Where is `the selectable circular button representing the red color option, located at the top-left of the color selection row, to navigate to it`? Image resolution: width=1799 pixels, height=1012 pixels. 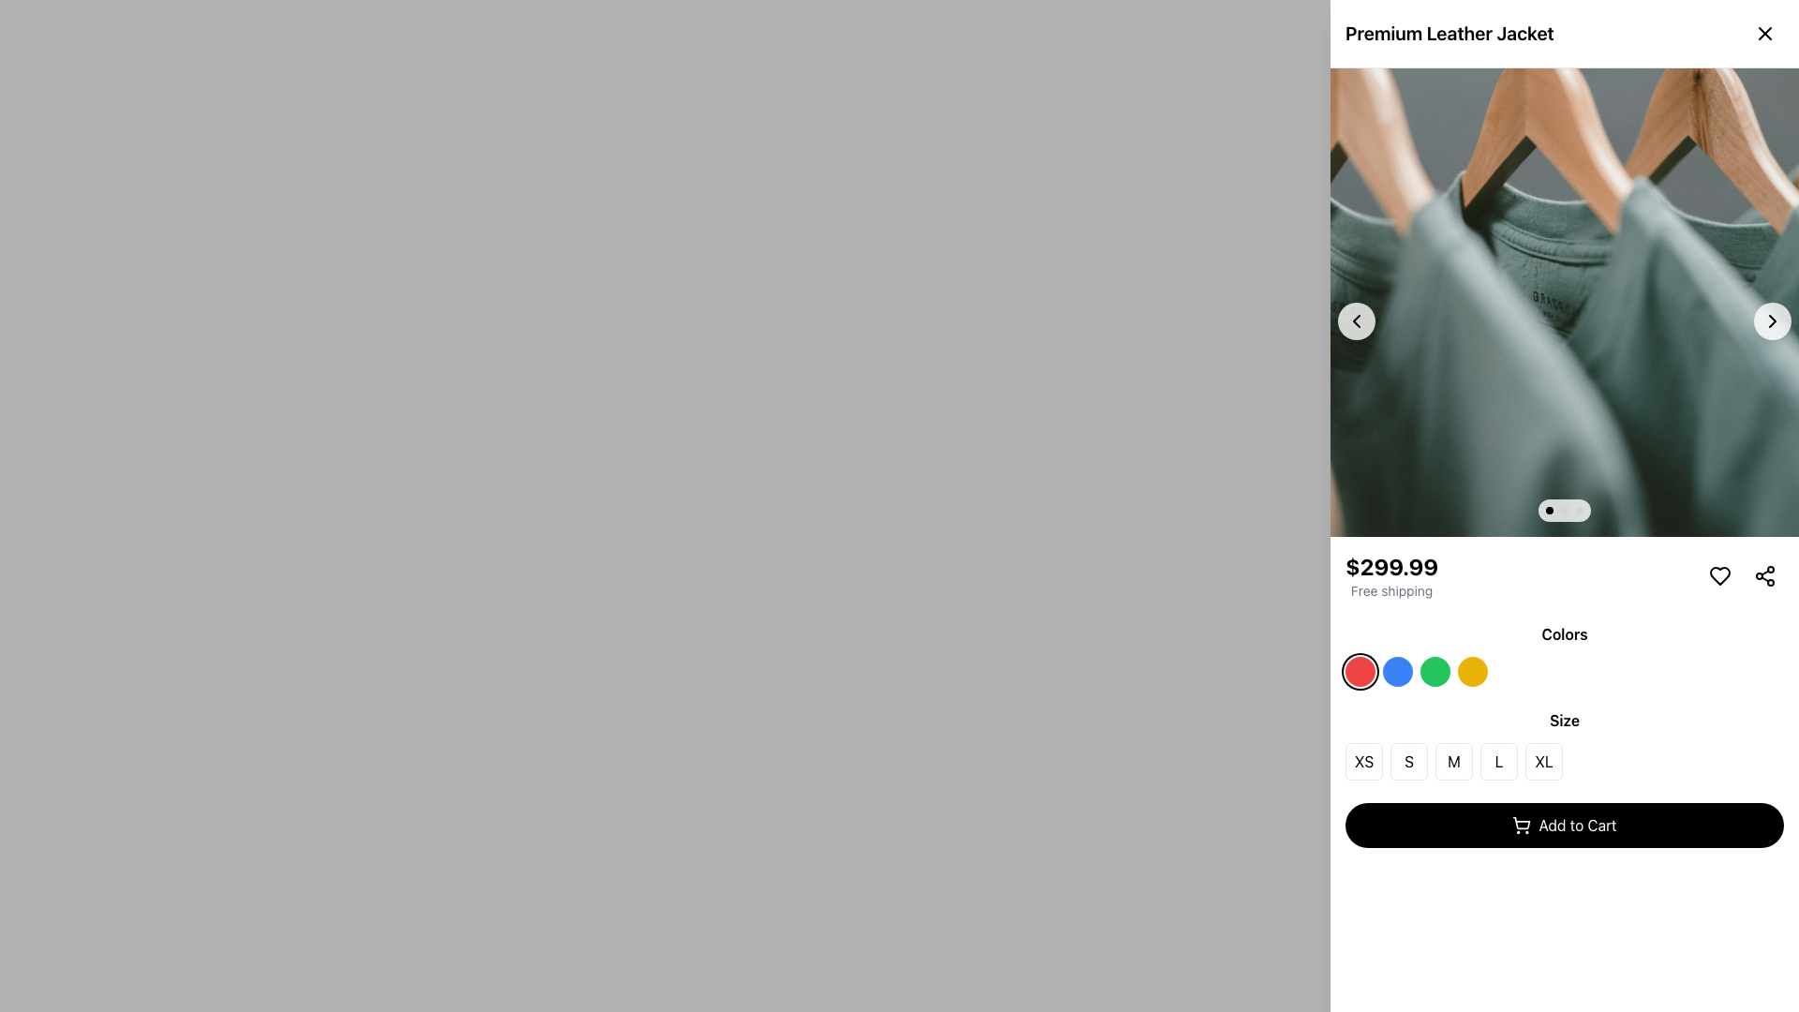 the selectable circular button representing the red color option, located at the top-left of the color selection row, to navigate to it is located at coordinates (1360, 671).